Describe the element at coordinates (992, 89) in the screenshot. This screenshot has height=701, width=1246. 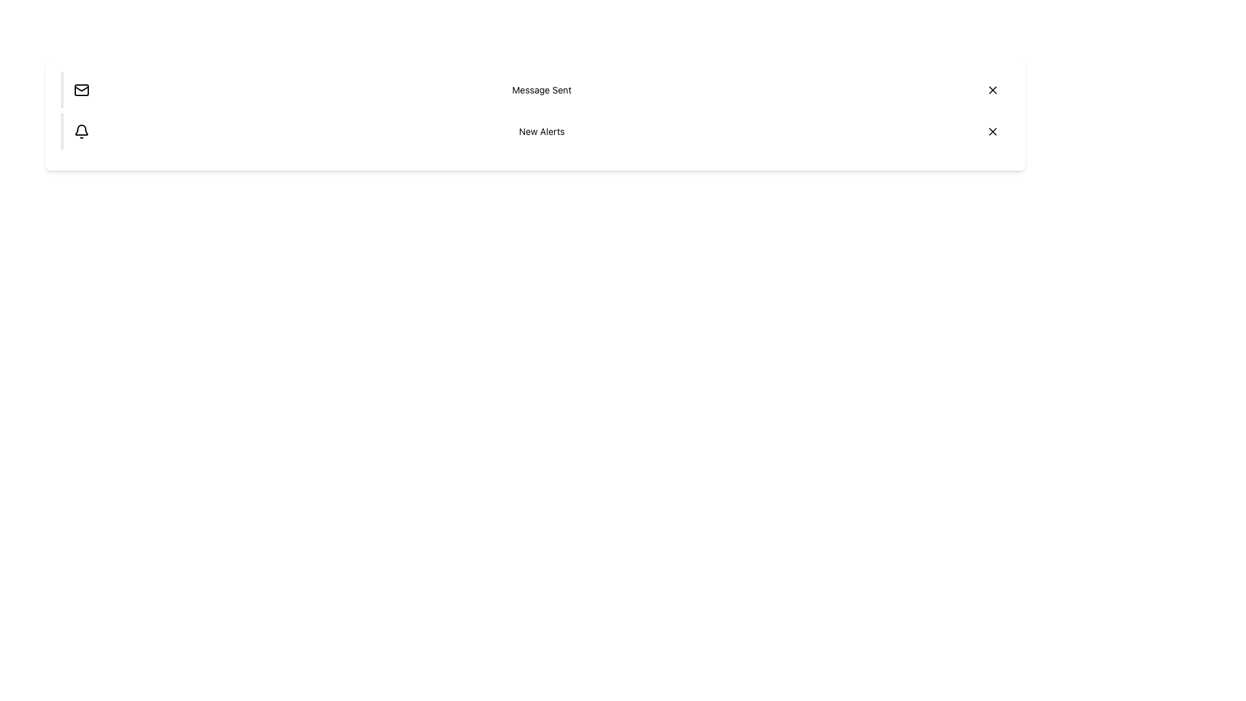
I see `the slanted cross icon located at the top-right corner of the interface` at that location.